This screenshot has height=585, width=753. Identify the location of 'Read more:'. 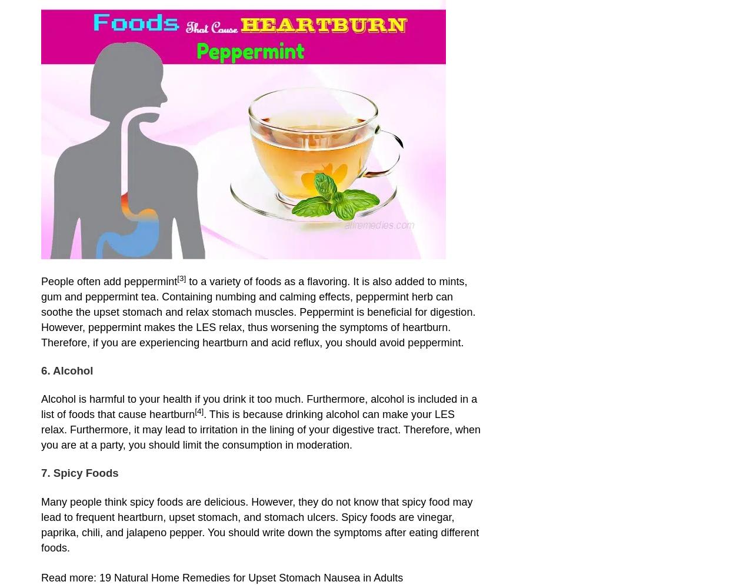
(69, 576).